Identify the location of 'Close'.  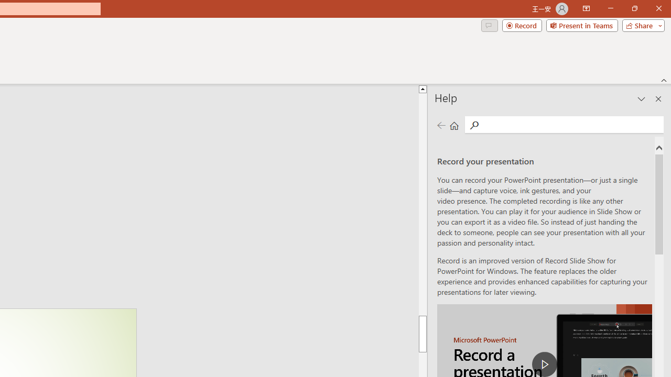
(658, 8).